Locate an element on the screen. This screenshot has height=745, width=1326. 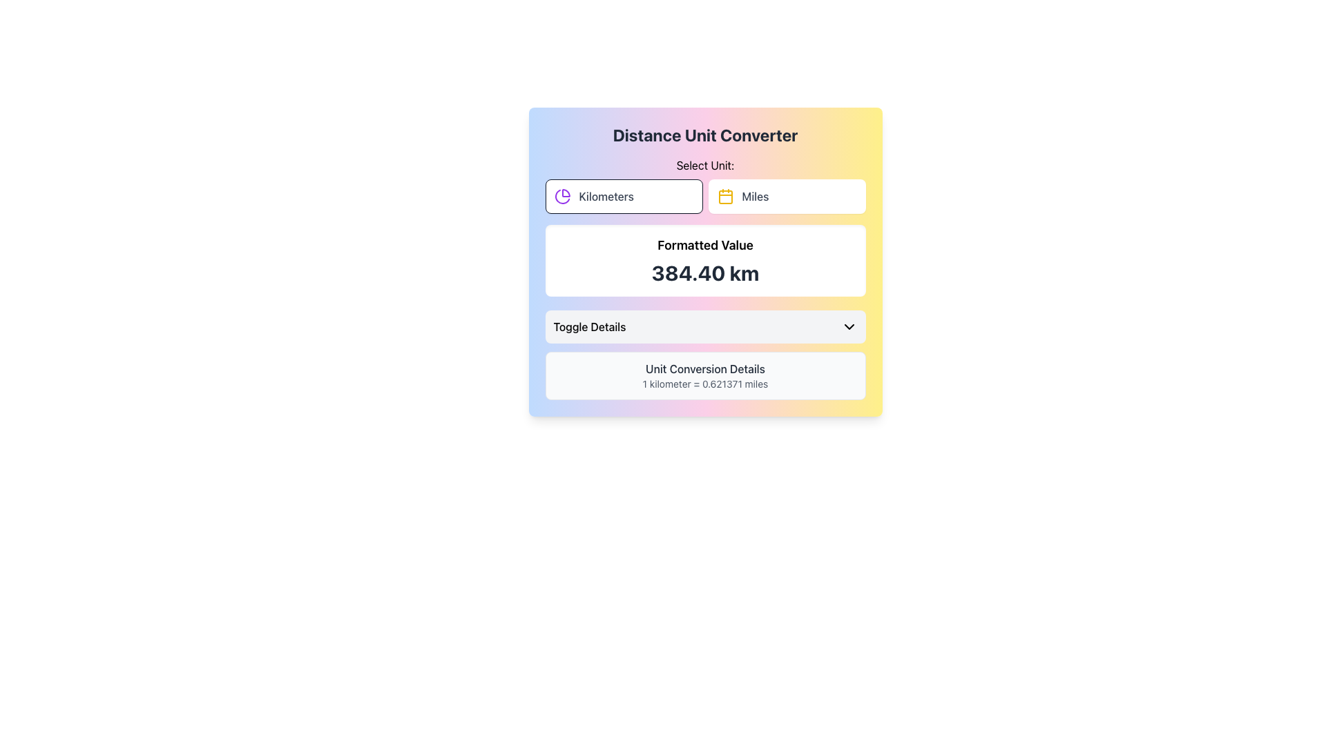
displayed value '384.40 km' from the centrally aligned text in the Text Display below the 'Formatted Value' label is located at coordinates (705, 273).